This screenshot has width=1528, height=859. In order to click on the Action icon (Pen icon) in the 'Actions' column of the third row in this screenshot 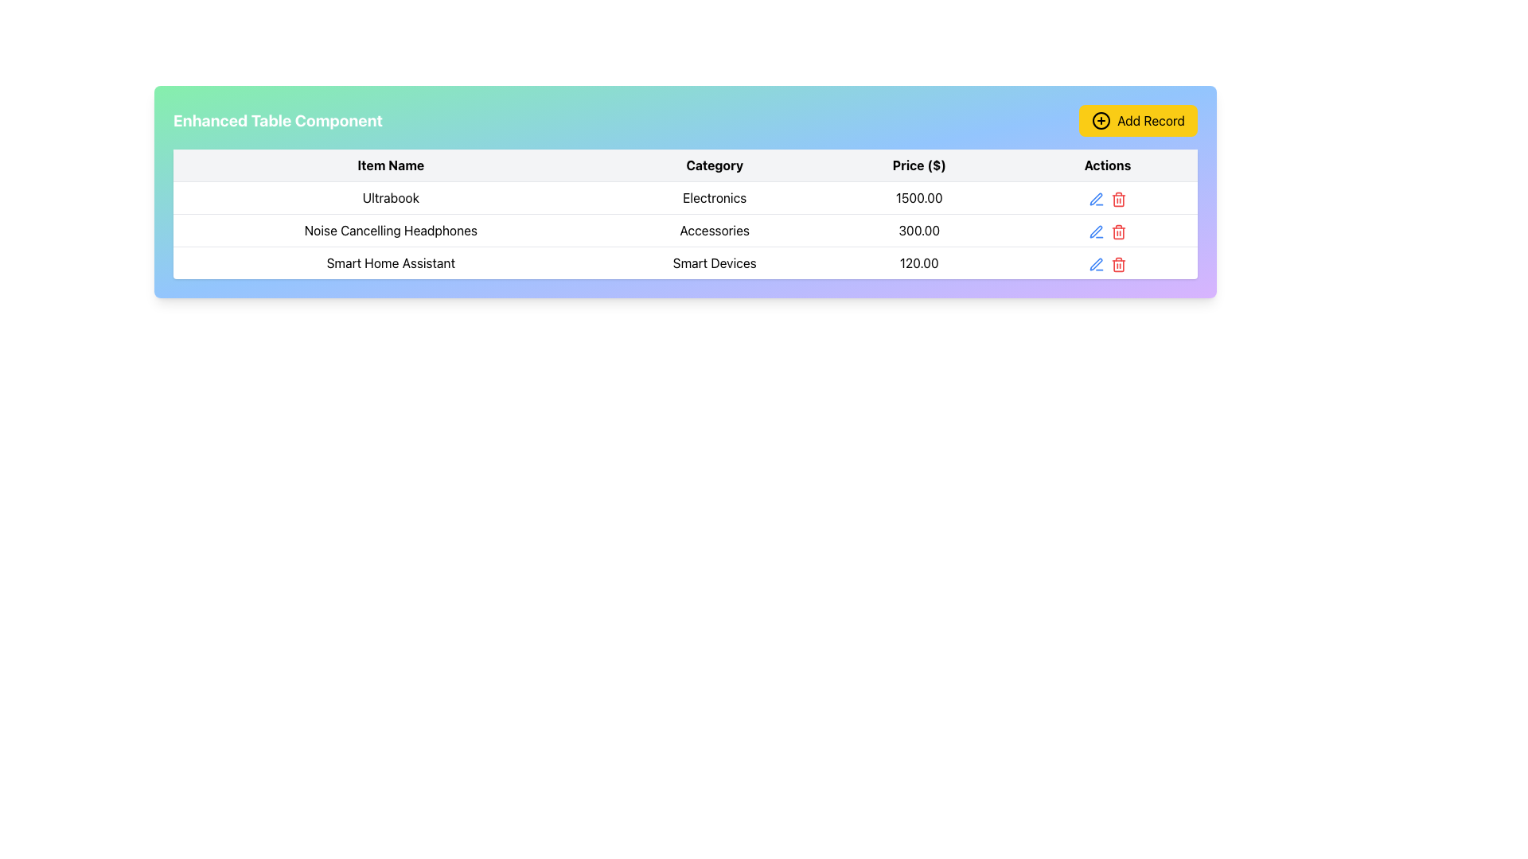, I will do `click(1095, 263)`.